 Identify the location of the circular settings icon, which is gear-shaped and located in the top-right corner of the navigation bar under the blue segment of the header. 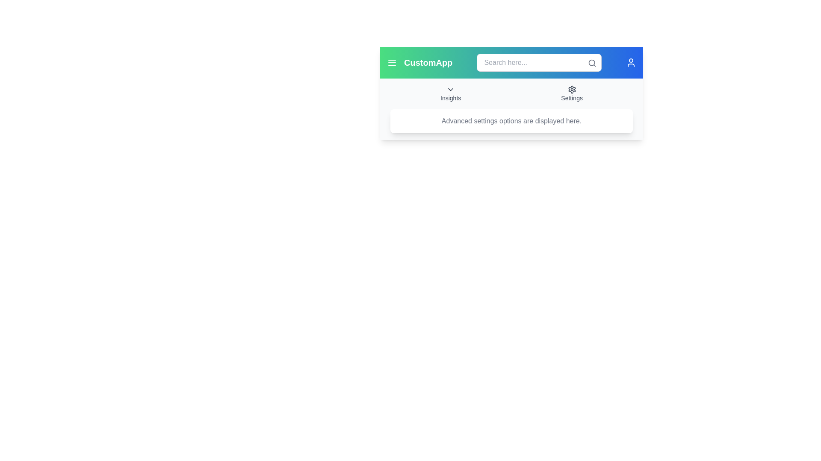
(572, 89).